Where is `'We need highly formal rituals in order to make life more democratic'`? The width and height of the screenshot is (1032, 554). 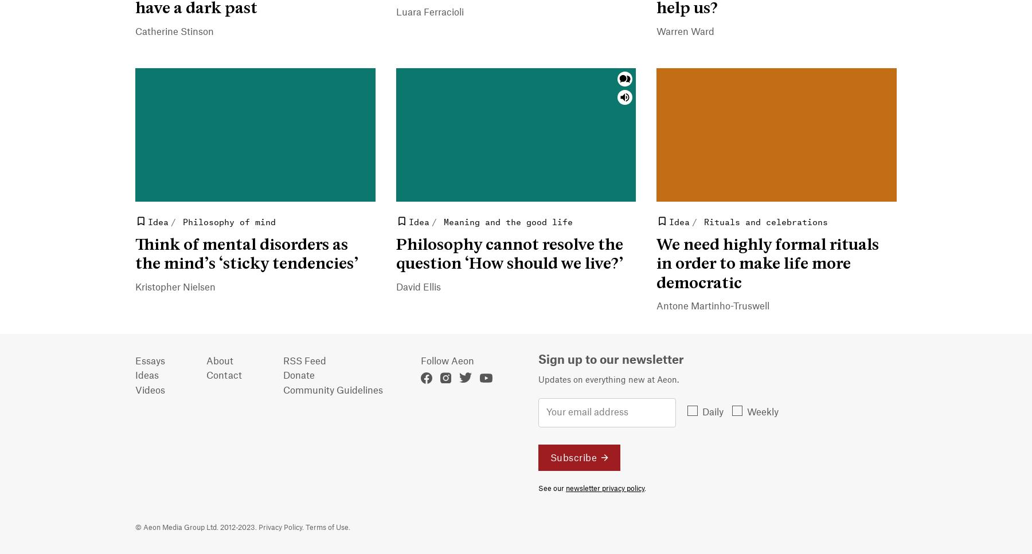 'We need highly formal rituals in order to make life more democratic' is located at coordinates (768, 264).